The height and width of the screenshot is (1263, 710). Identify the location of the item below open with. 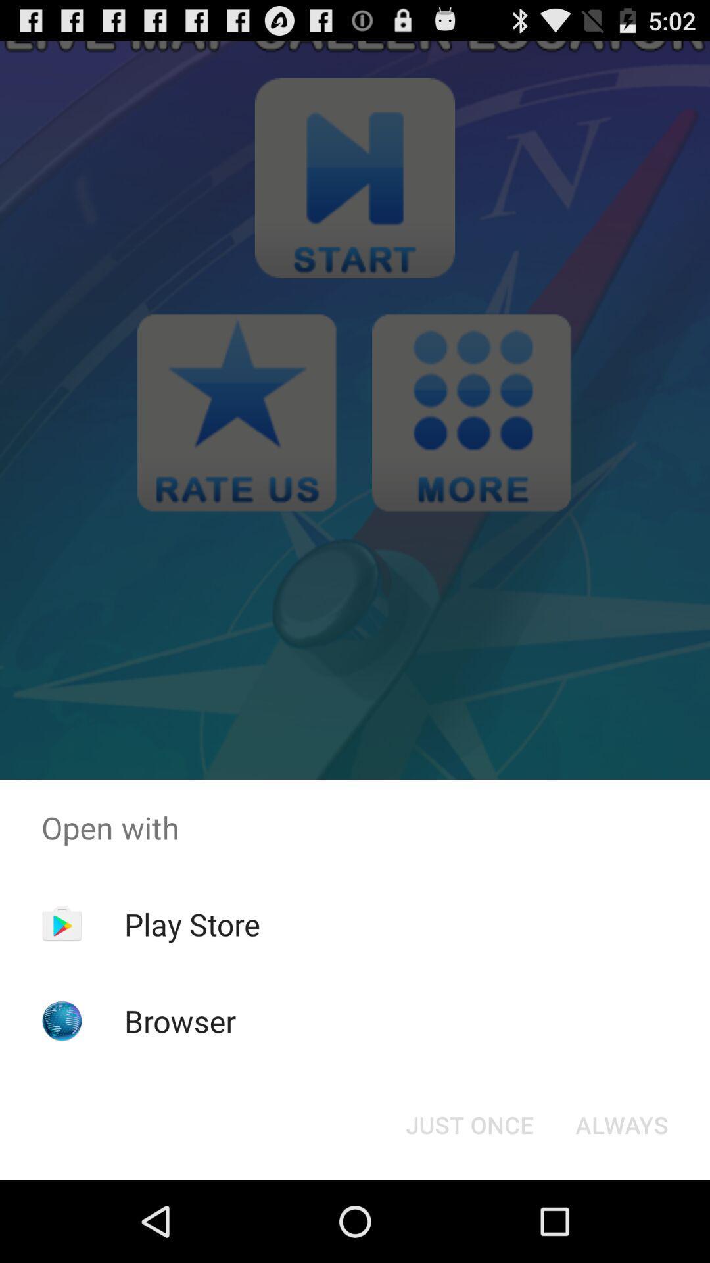
(469, 1124).